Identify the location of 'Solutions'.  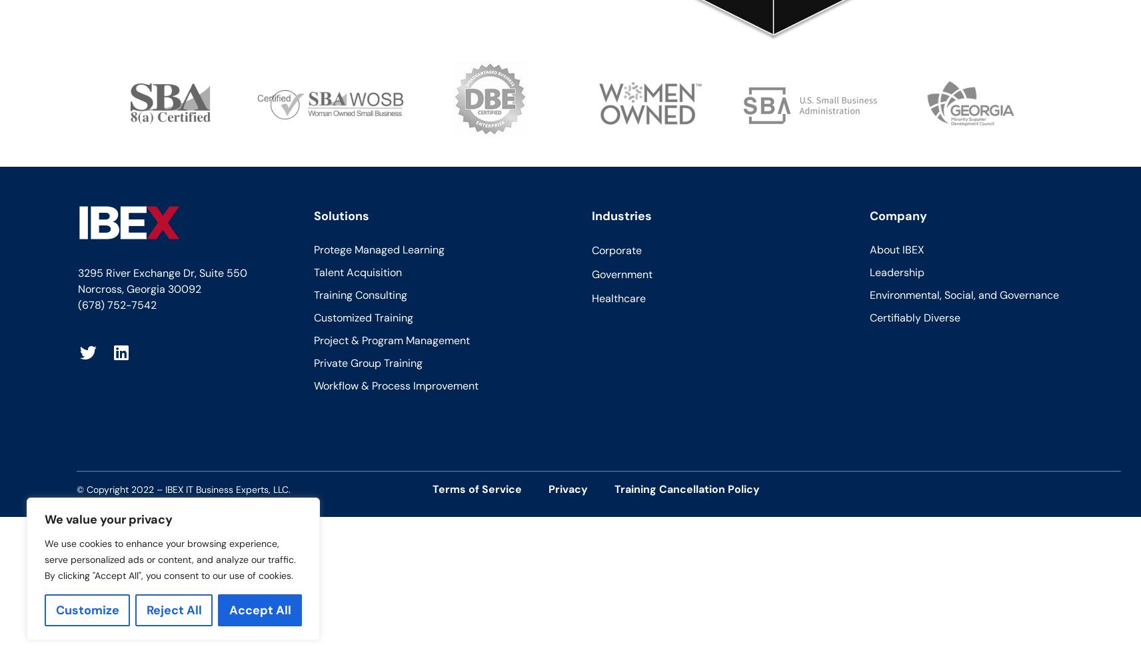
(312, 215).